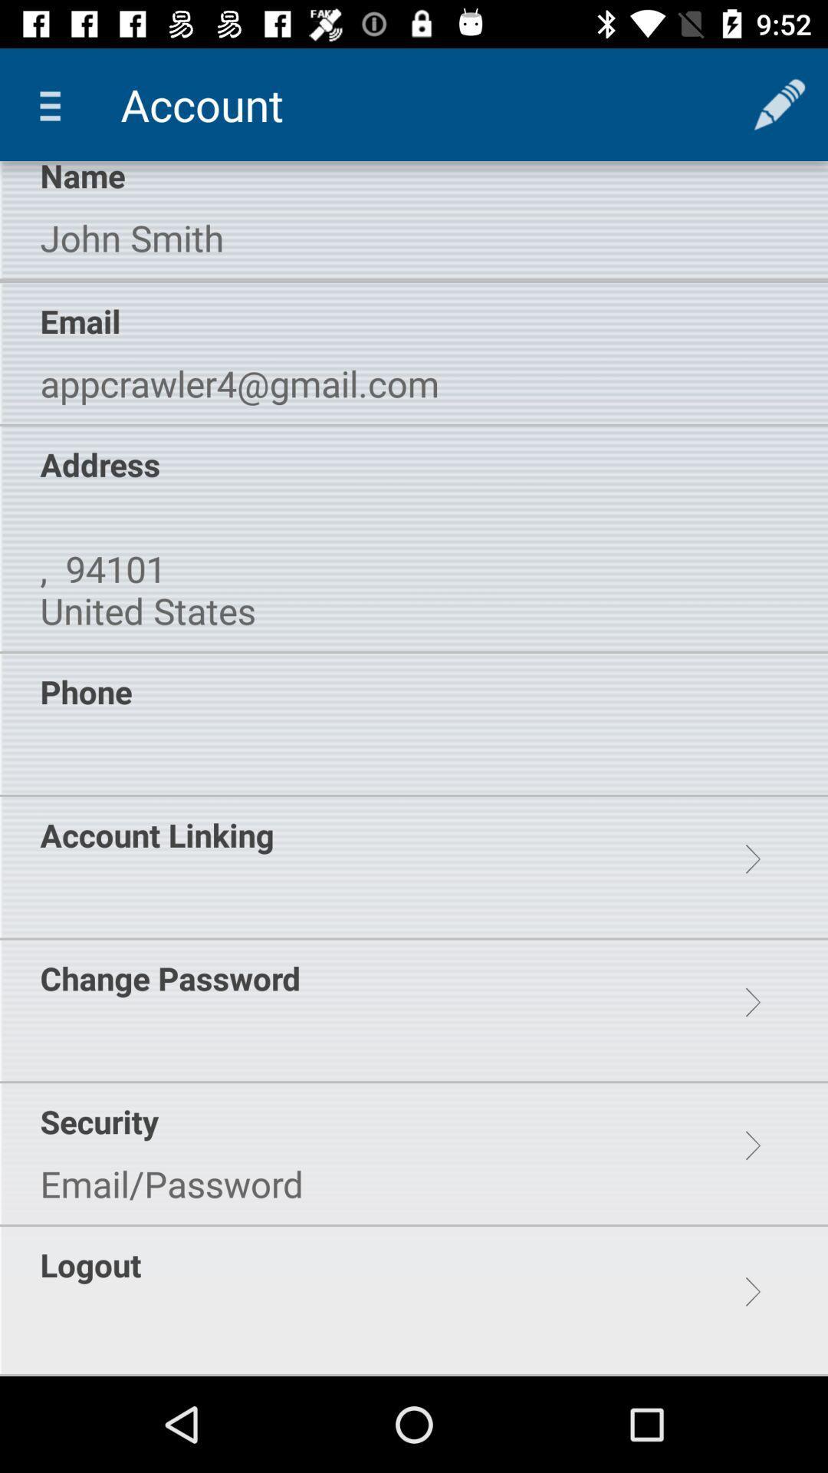 Image resolution: width=828 pixels, height=1473 pixels. What do you see at coordinates (752, 859) in the screenshot?
I see `the arrow_forward icon` at bounding box center [752, 859].